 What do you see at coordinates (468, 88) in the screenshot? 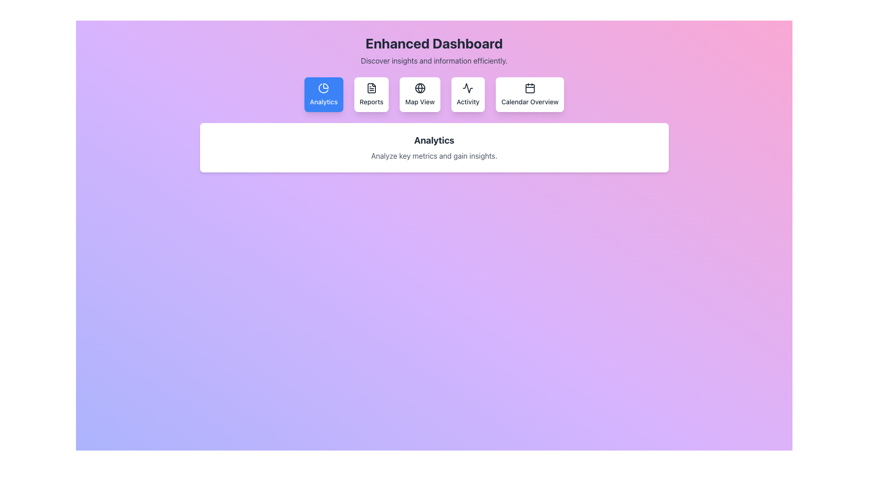
I see `the activity icon represented by a stylized wave line with a gray outline, located in the top central section of the interface above the text label 'Activity'` at bounding box center [468, 88].